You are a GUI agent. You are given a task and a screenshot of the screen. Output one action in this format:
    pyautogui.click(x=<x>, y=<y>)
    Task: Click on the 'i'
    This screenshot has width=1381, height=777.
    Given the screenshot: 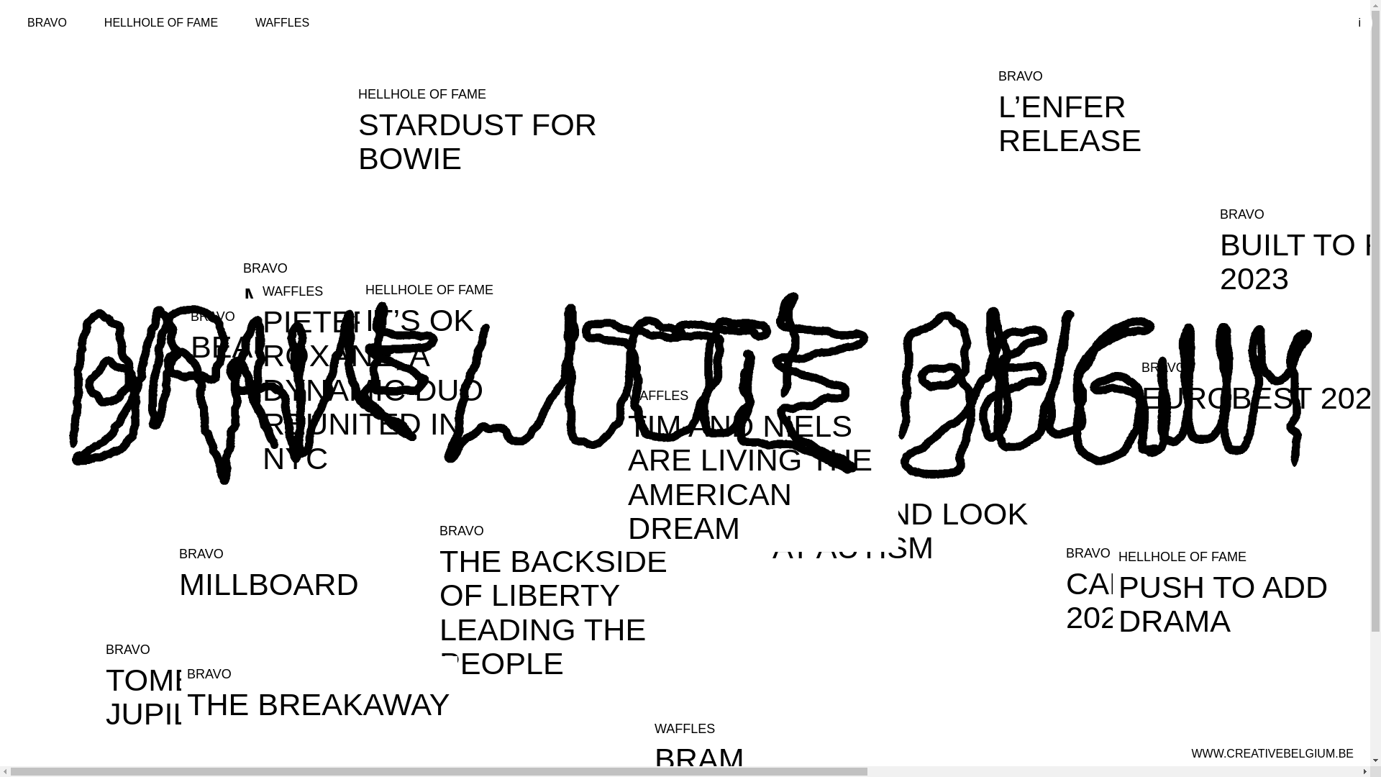 What is the action you would take?
    pyautogui.click(x=1359, y=22)
    